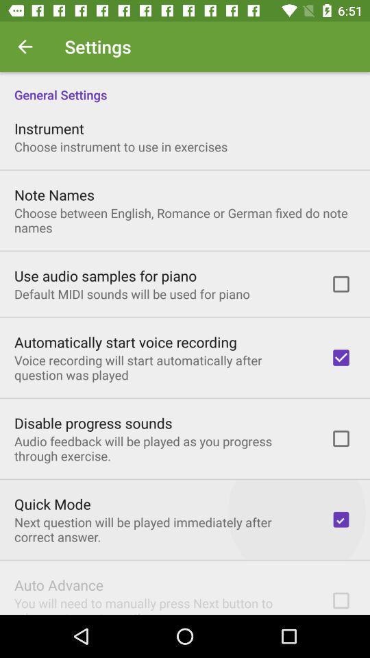  What do you see at coordinates (185, 220) in the screenshot?
I see `the icon below the note names` at bounding box center [185, 220].